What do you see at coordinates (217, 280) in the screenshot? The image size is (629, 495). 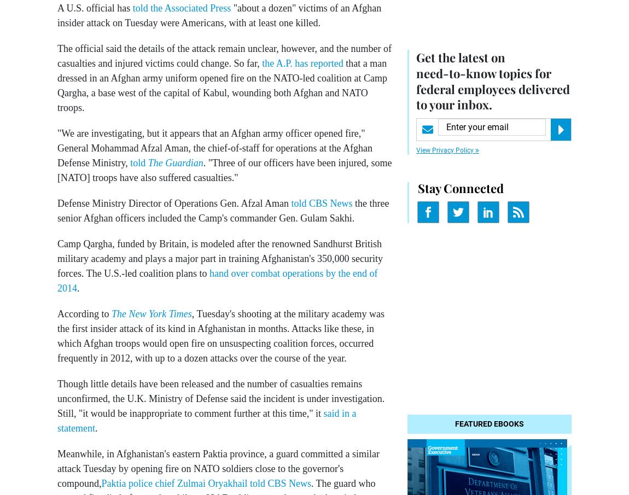 I see `'hand over combat operations by the end of 2014'` at bounding box center [217, 280].